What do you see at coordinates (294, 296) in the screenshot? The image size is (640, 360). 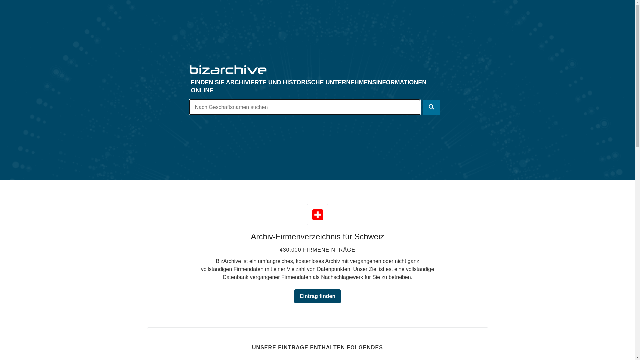 I see `'Eintrag finden'` at bounding box center [294, 296].